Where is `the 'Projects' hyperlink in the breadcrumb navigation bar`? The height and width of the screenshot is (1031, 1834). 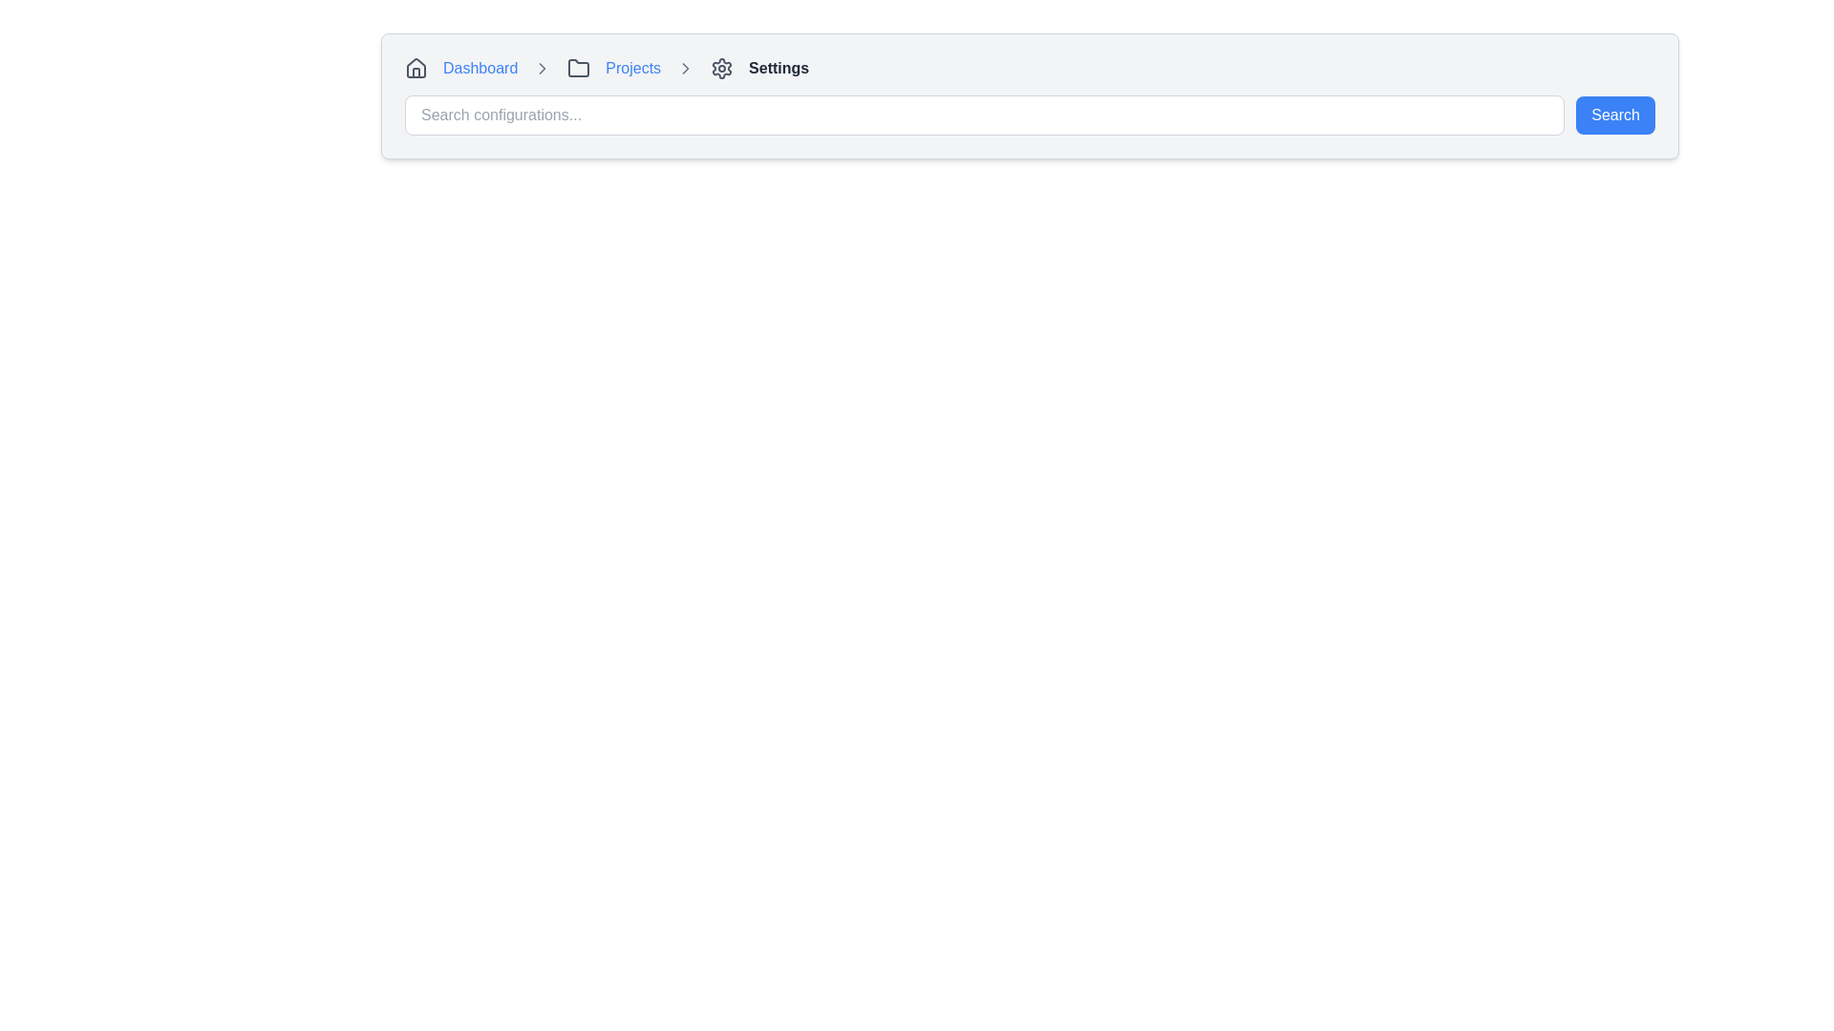 the 'Projects' hyperlink in the breadcrumb navigation bar is located at coordinates (632, 68).